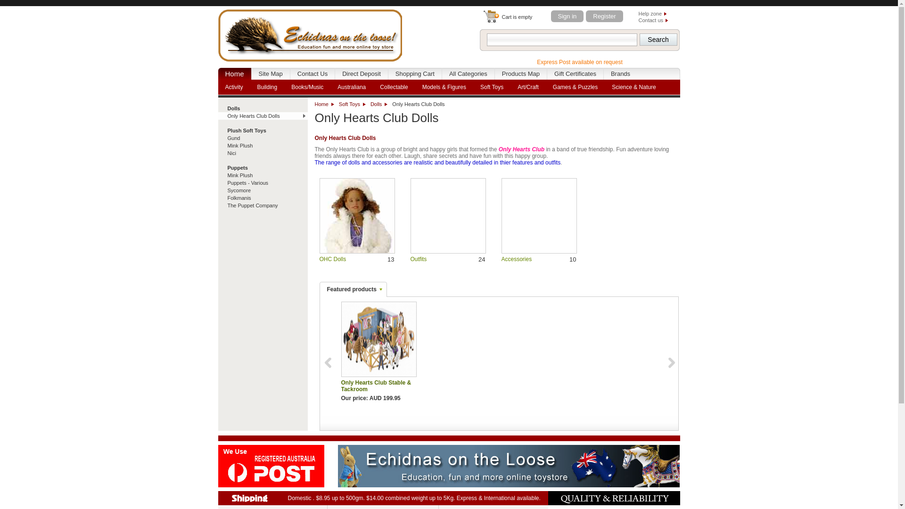 The height and width of the screenshot is (509, 905). I want to click on 'Activity', so click(233, 87).